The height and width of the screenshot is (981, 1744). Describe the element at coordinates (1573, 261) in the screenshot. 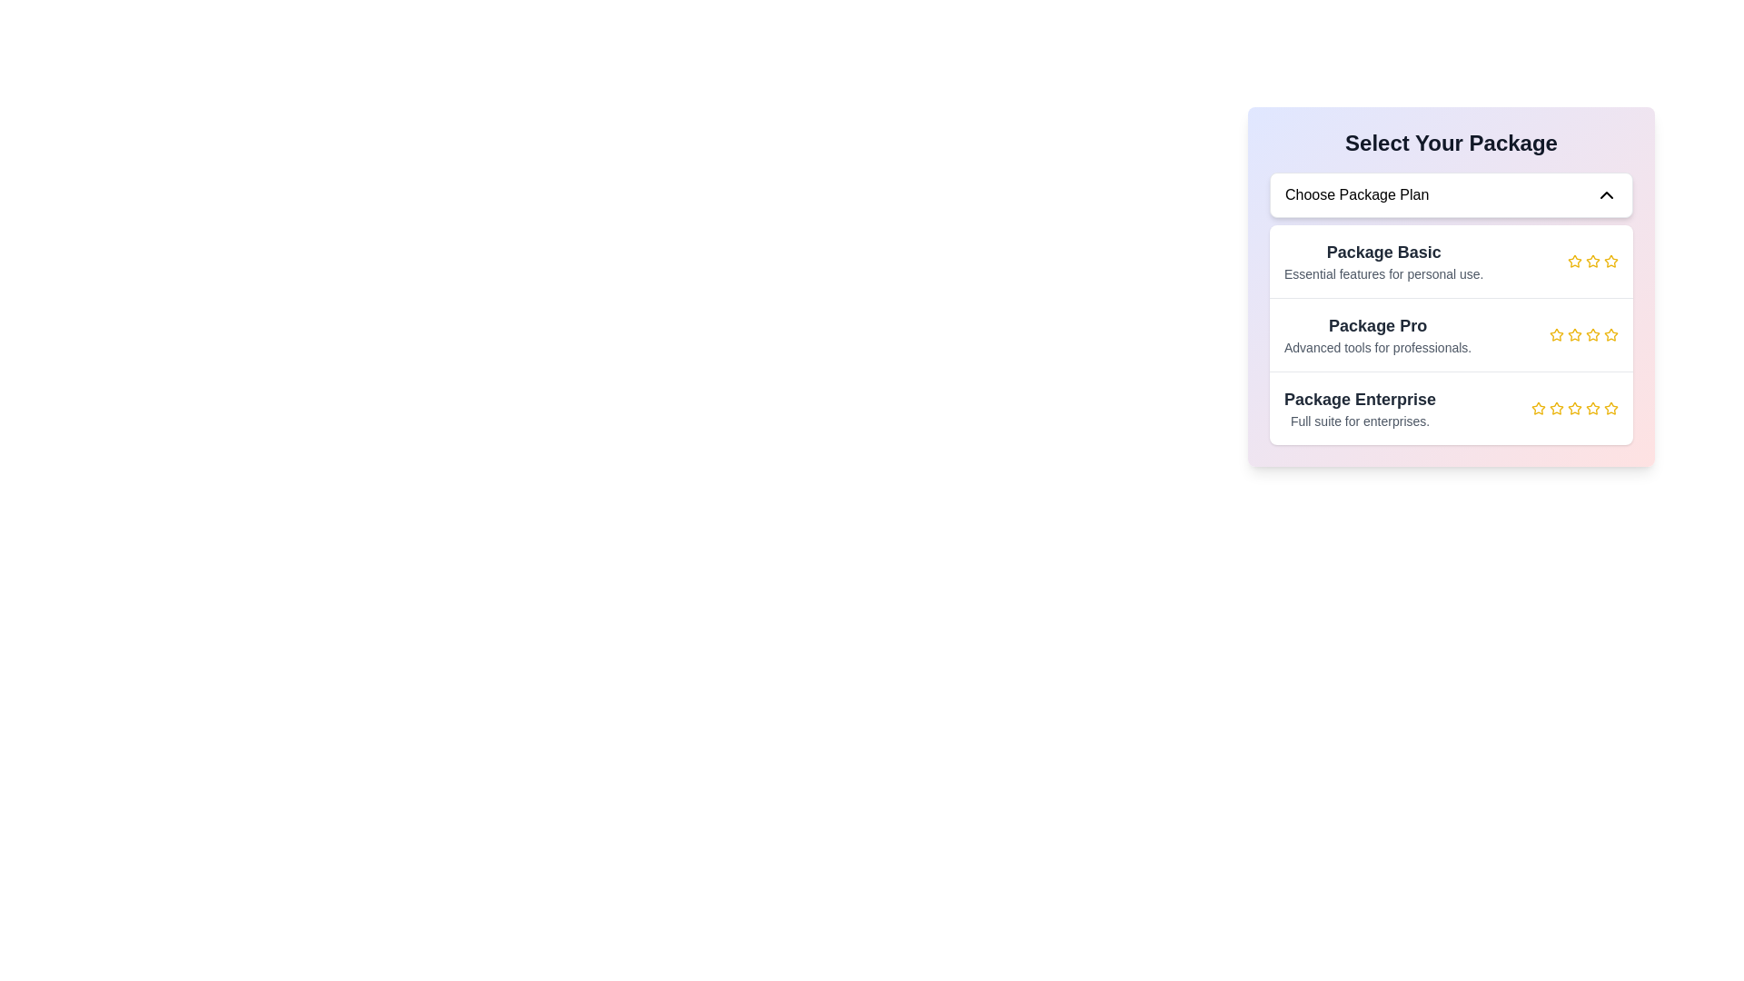

I see `the first star icon` at that location.